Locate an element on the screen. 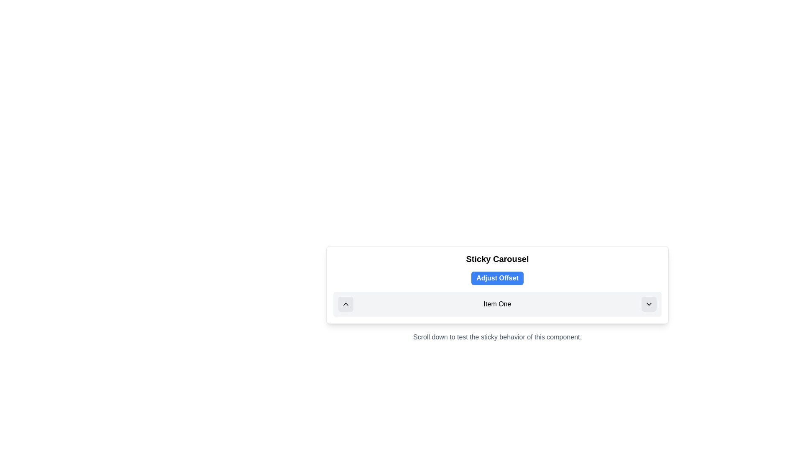  the chevron-up icon, which is a monochromatic upward-pointing arrow located at the center top of a rounded rectangular section with a light gray background in the sticky carousel component is located at coordinates (345, 304).